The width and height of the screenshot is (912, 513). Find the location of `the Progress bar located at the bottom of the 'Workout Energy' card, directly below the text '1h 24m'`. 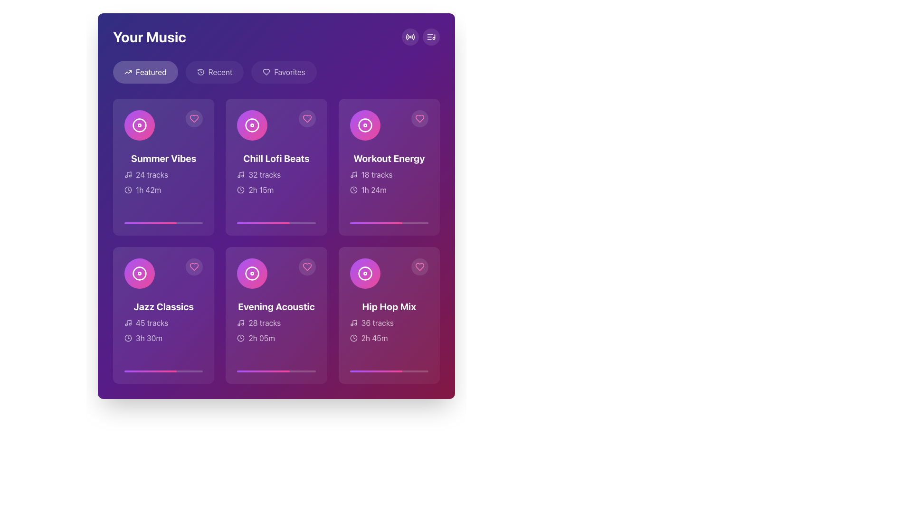

the Progress bar located at the bottom of the 'Workout Energy' card, directly below the text '1h 24m' is located at coordinates (375, 223).